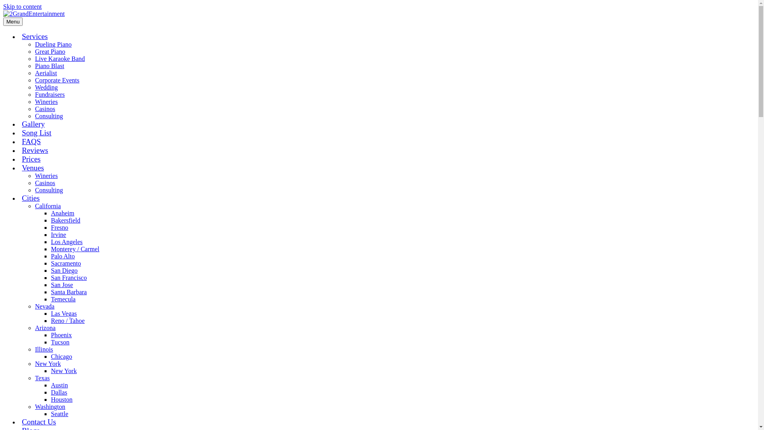 This screenshot has height=430, width=764. What do you see at coordinates (46, 101) in the screenshot?
I see `'Wineries'` at bounding box center [46, 101].